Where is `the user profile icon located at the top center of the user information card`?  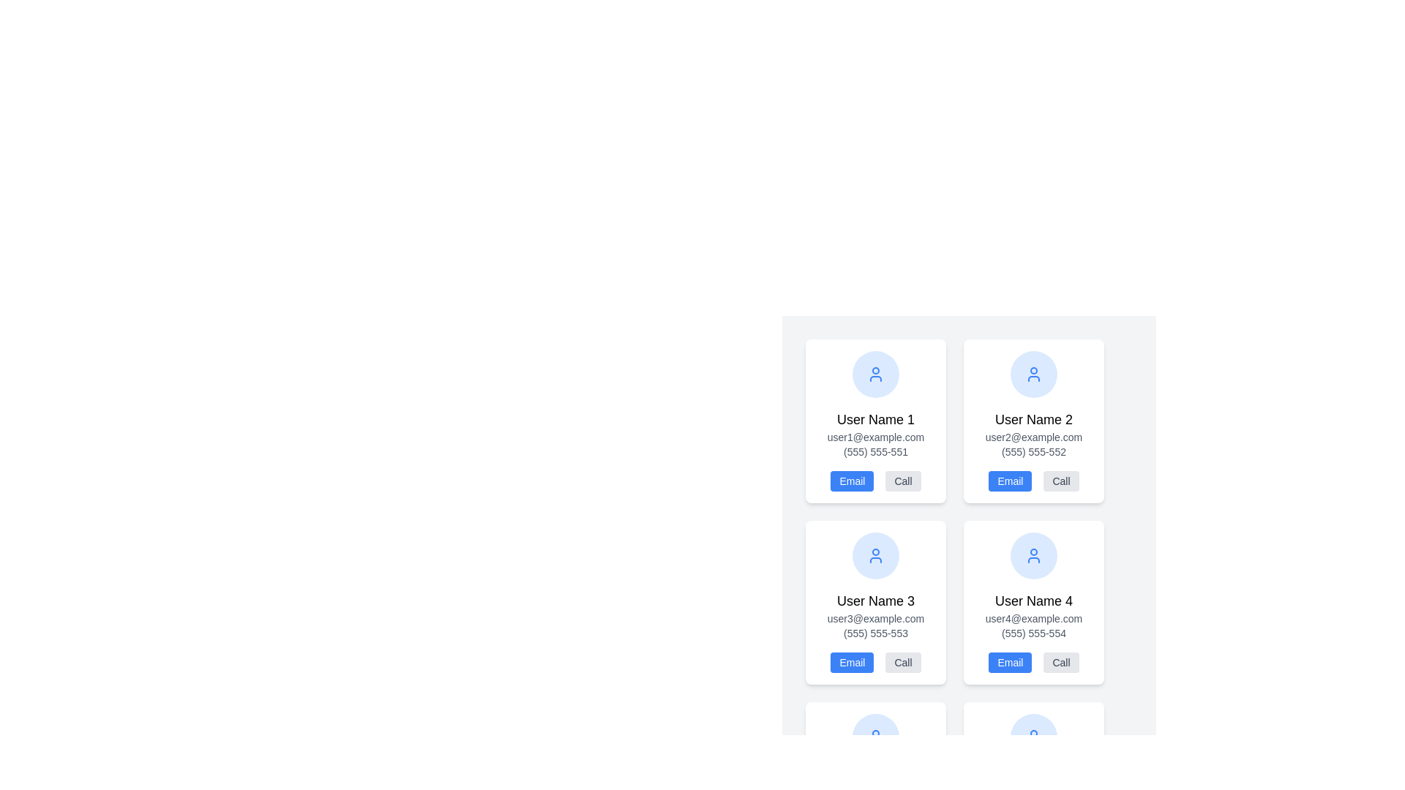
the user profile icon located at the top center of the user information card is located at coordinates (1033, 555).